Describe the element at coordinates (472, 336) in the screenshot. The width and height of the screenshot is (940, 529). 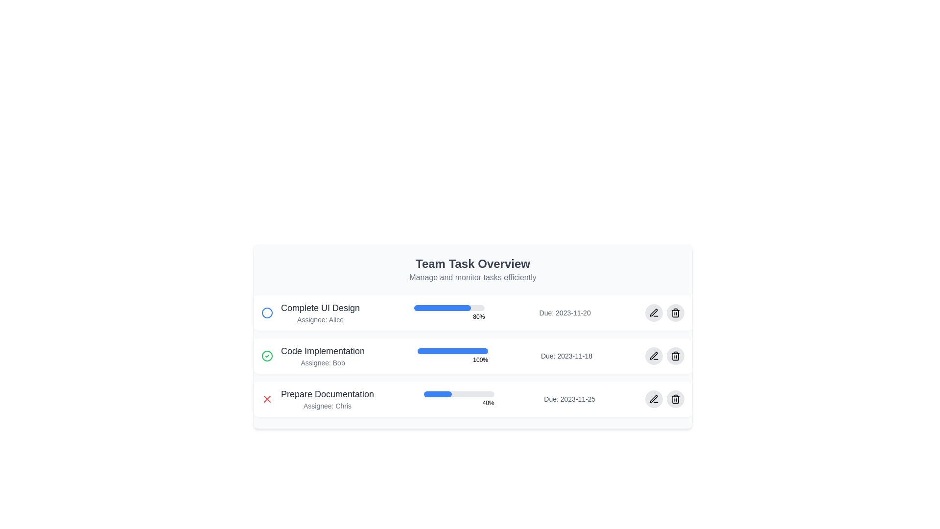
I see `the Dashboard overview box titled 'Team Task Overview', which features a light gray background, rounded corners, and contains task details including progress bars and assignee names` at that location.